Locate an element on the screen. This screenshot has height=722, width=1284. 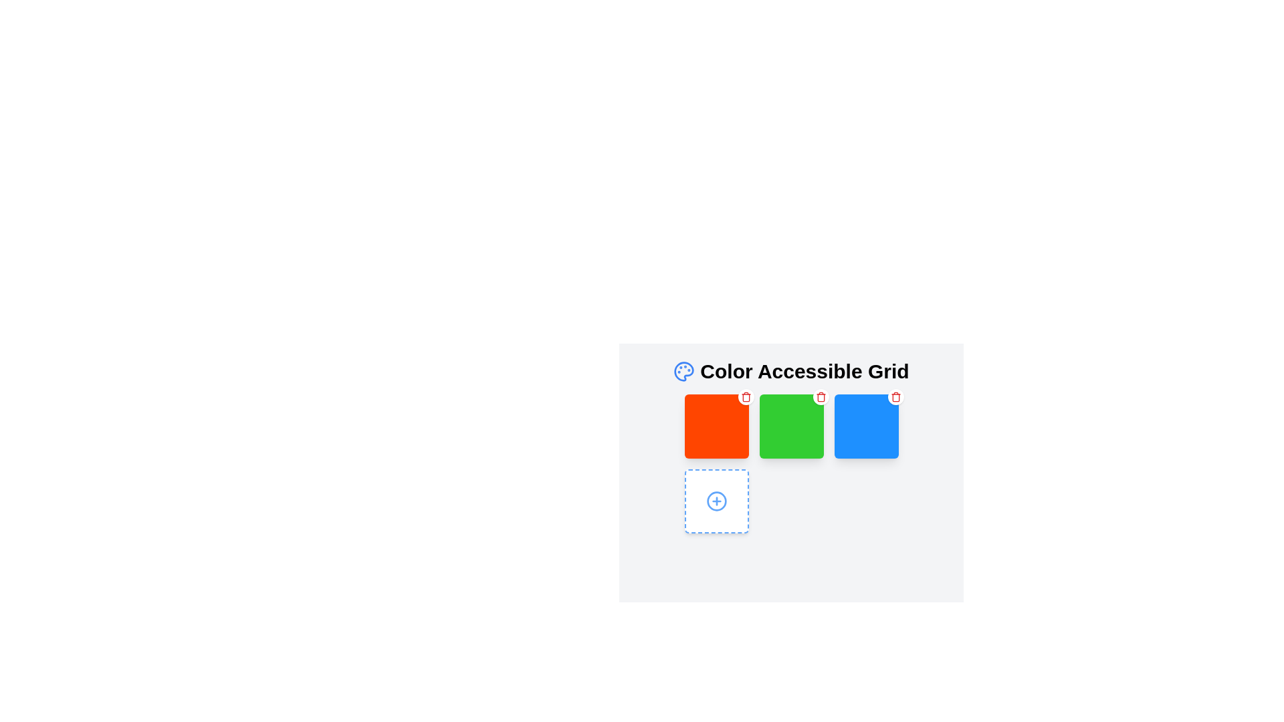
the delete button in the top-right corner of the red tile in the 'Color Accessible Grid' is located at coordinates (745, 396).